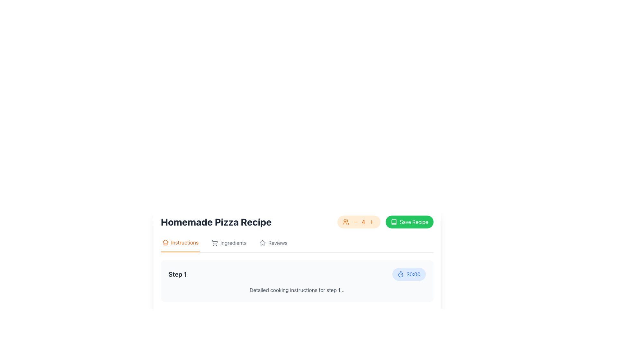 This screenshot has height=347, width=617. What do you see at coordinates (345, 221) in the screenshot?
I see `the orange group of people icon located in the upper right section of the page interface, adjacent to the numeric label '4'` at bounding box center [345, 221].